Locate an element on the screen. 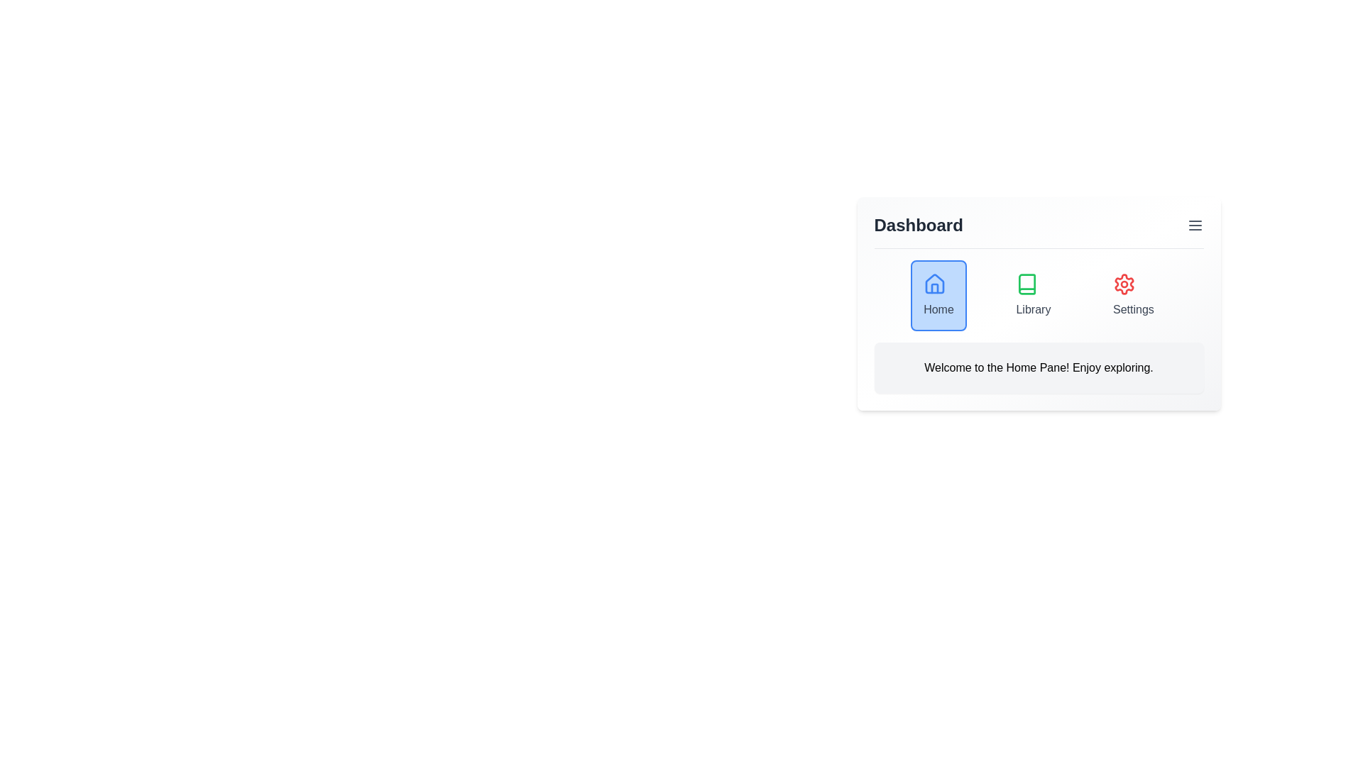 The width and height of the screenshot is (1363, 766). the middle button of the navigation menu labeled 'Library' in the Button Group located in the 'Dashboard' section is located at coordinates (1039, 294).